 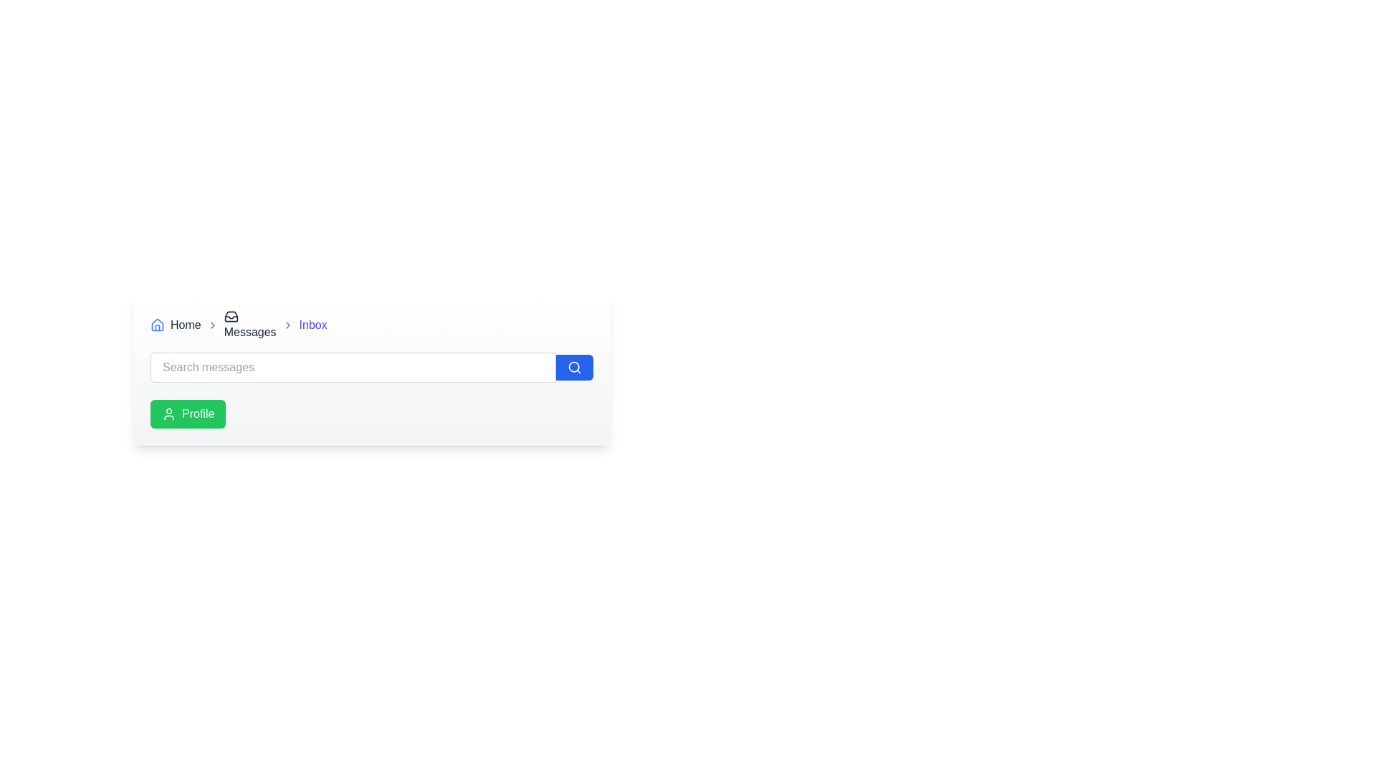 What do you see at coordinates (287, 325) in the screenshot?
I see `the right-facing gray chevron icon located after the 'Inbox' text in the breadcrumb navigation bar, which is the third icon from the left` at bounding box center [287, 325].